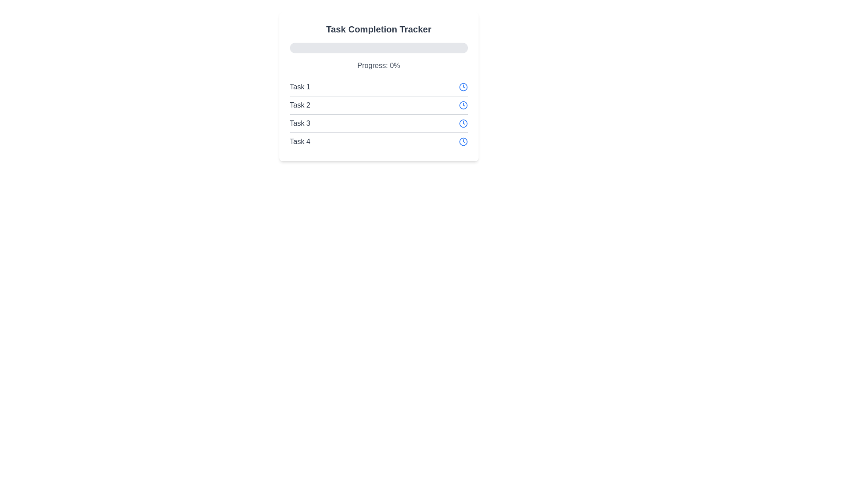 This screenshot has width=854, height=480. Describe the element at coordinates (463, 87) in the screenshot. I see `the interactive clock button in the 'Task Completion Tracker'` at that location.